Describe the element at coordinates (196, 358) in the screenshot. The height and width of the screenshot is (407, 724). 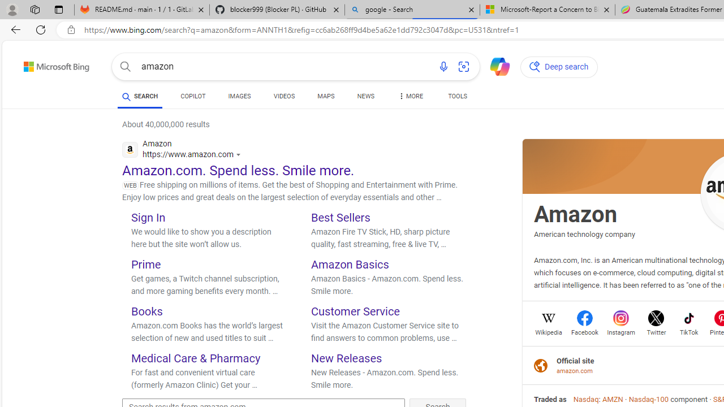
I see `'Medical Care & Pharmacy'` at that location.